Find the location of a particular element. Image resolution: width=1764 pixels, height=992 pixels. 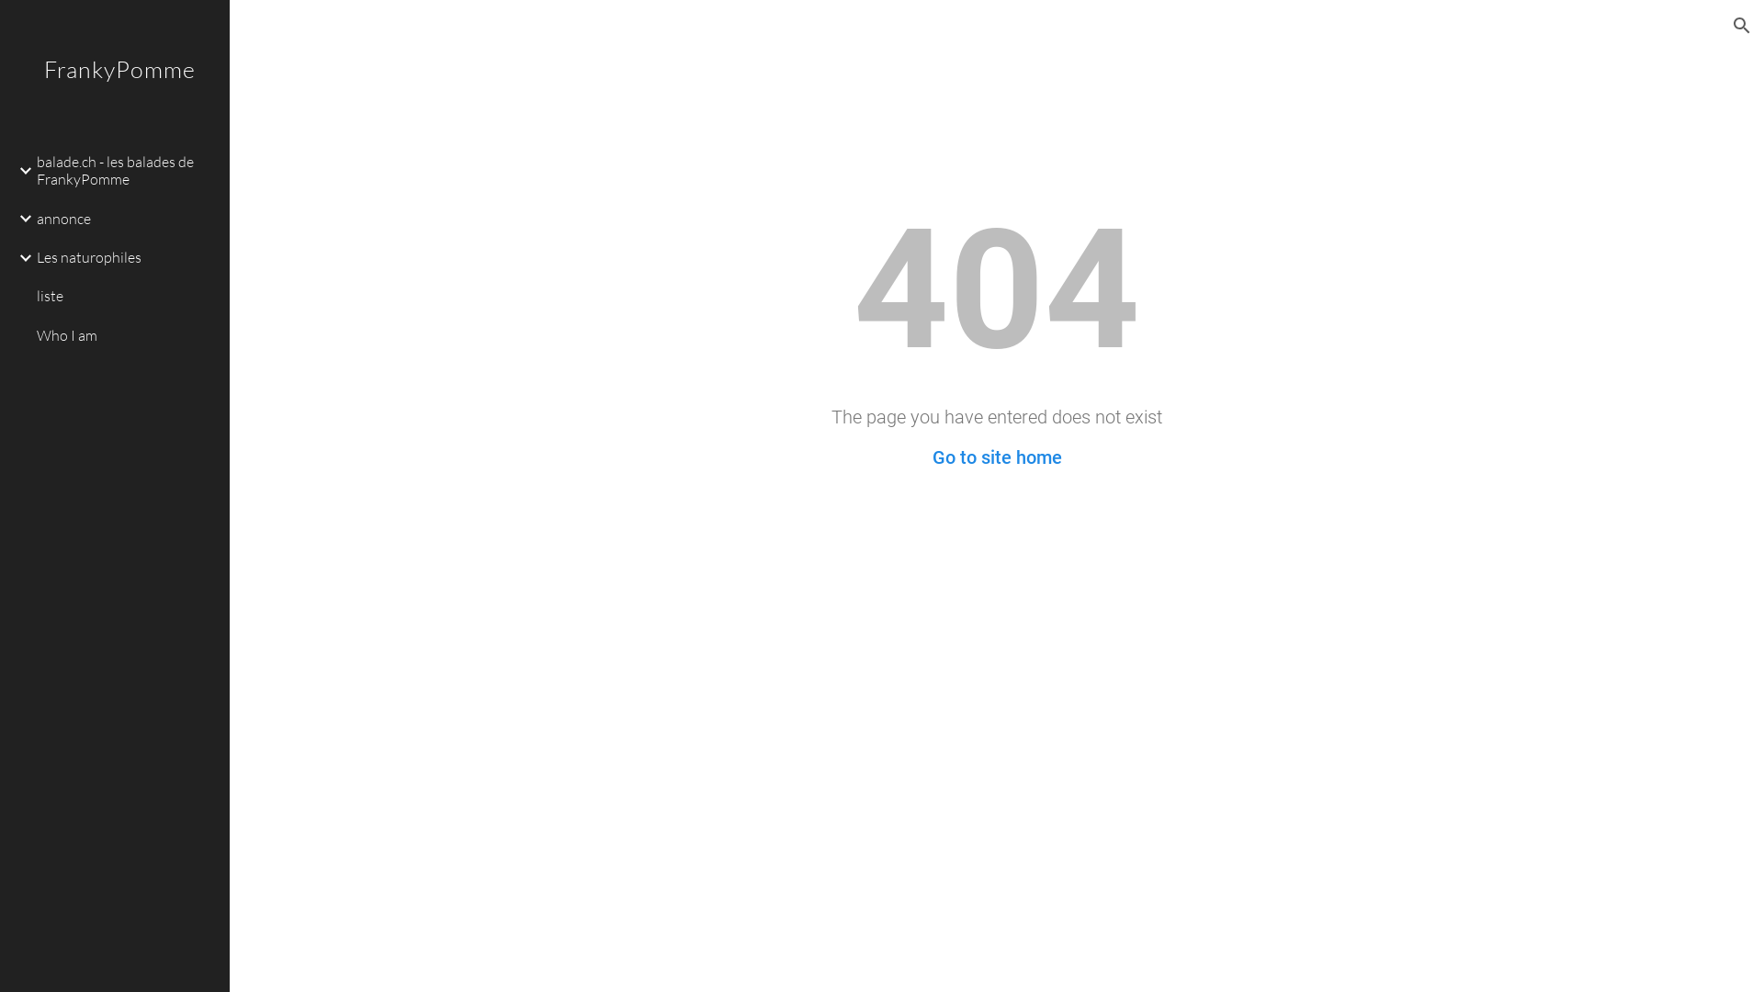

'Expand/Collapse' is located at coordinates (20, 218).